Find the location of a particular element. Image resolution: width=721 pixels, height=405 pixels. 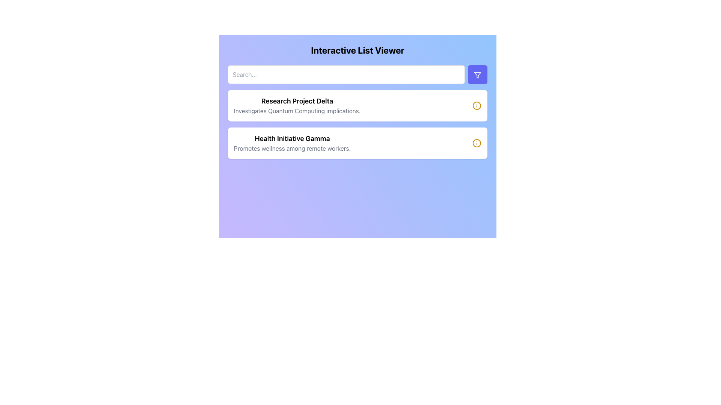

the title text label that presents the item summary in the first card of the vertically-stacked list, which guides the user to the associated content or action item is located at coordinates (297, 101).